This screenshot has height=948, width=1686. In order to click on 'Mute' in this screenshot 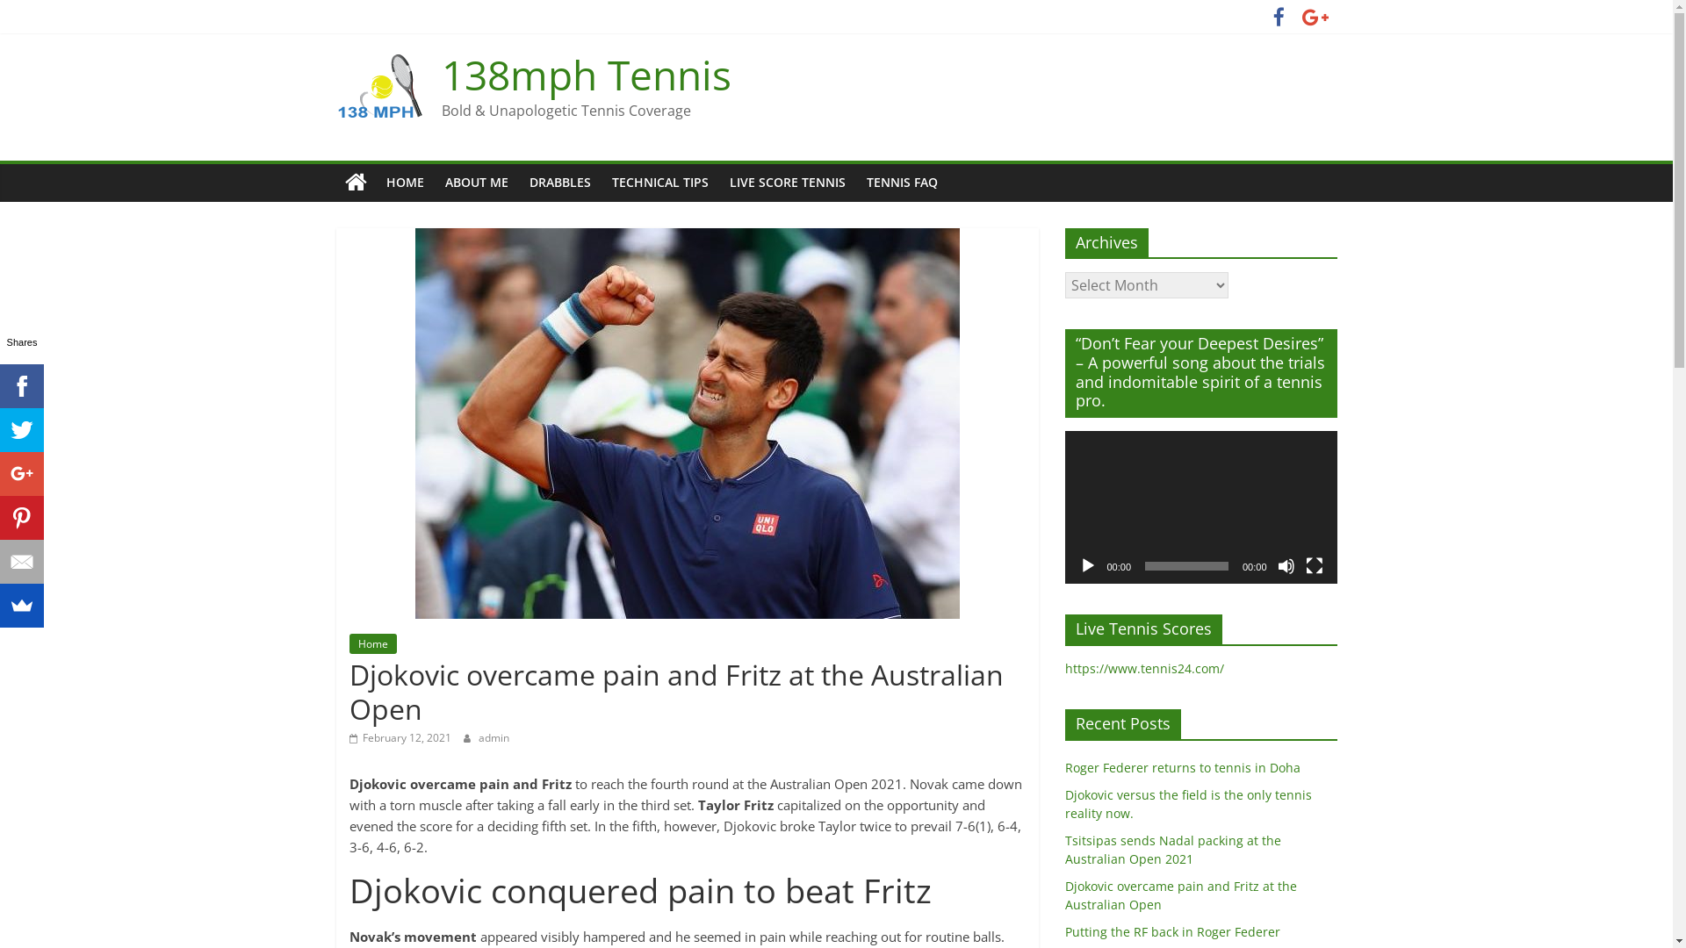, I will do `click(1286, 565)`.